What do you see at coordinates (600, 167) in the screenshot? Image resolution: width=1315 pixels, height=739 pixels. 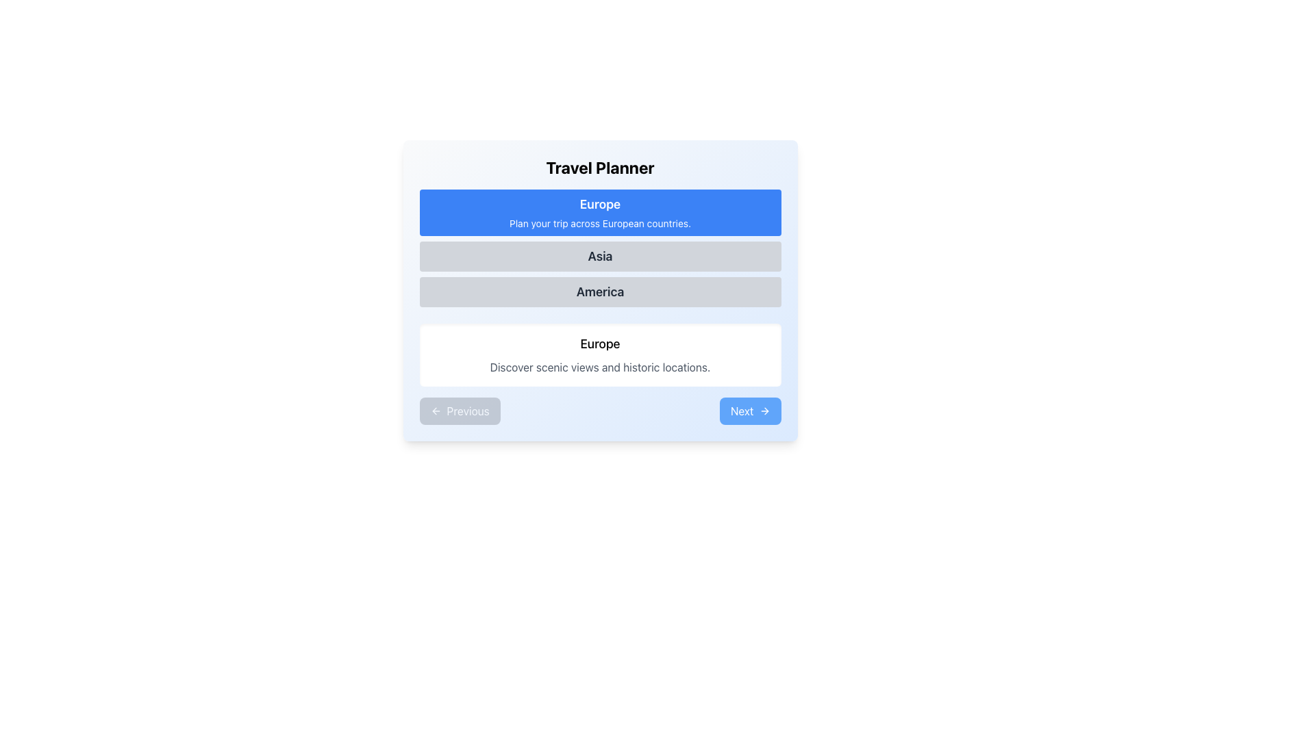 I see `the main Heading text element for the 'Travel Planner' section, which serves as the title and directs user attention` at bounding box center [600, 167].